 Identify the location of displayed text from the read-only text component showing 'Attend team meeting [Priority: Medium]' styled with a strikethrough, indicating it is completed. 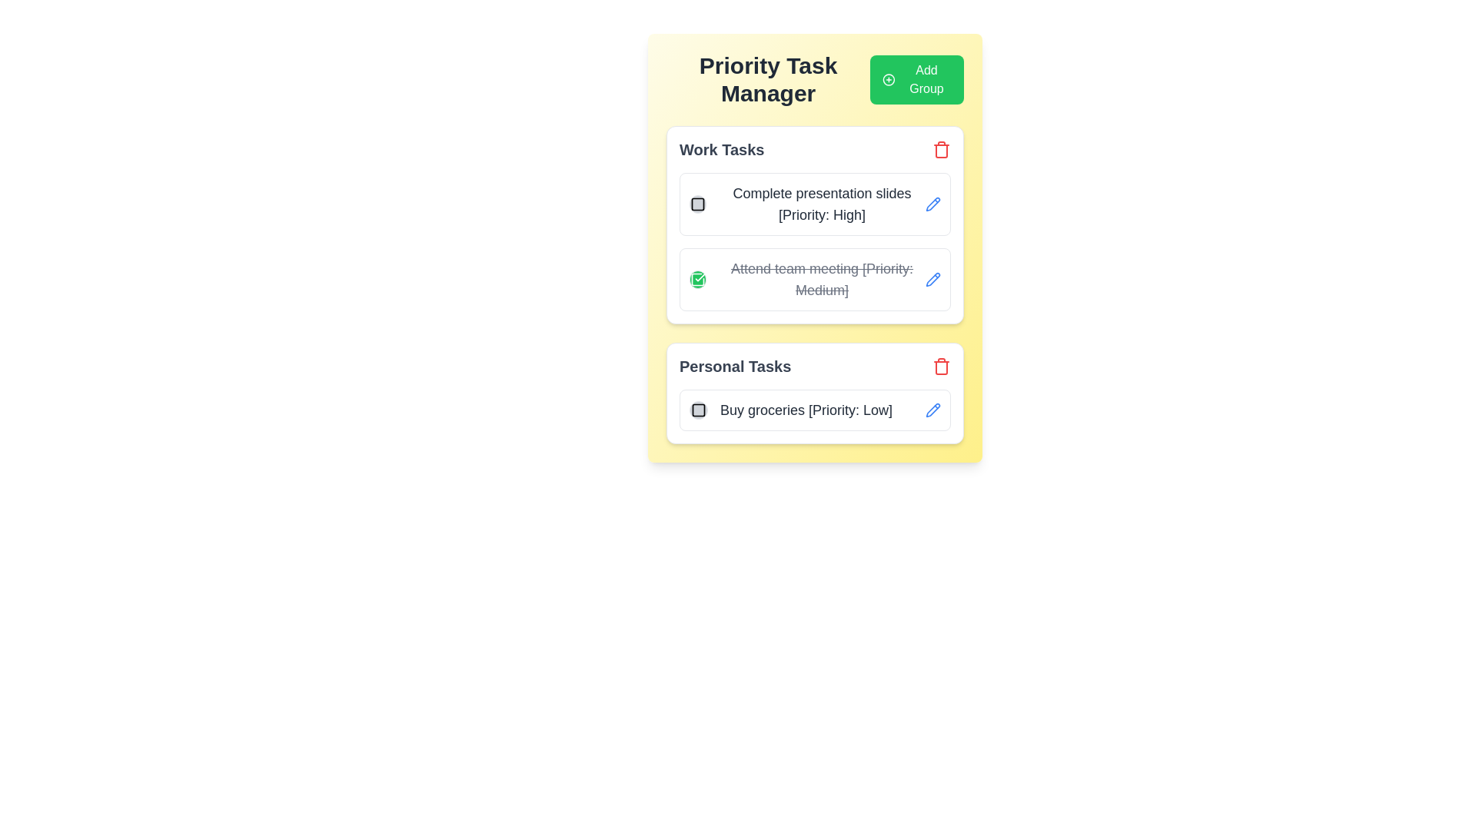
(821, 279).